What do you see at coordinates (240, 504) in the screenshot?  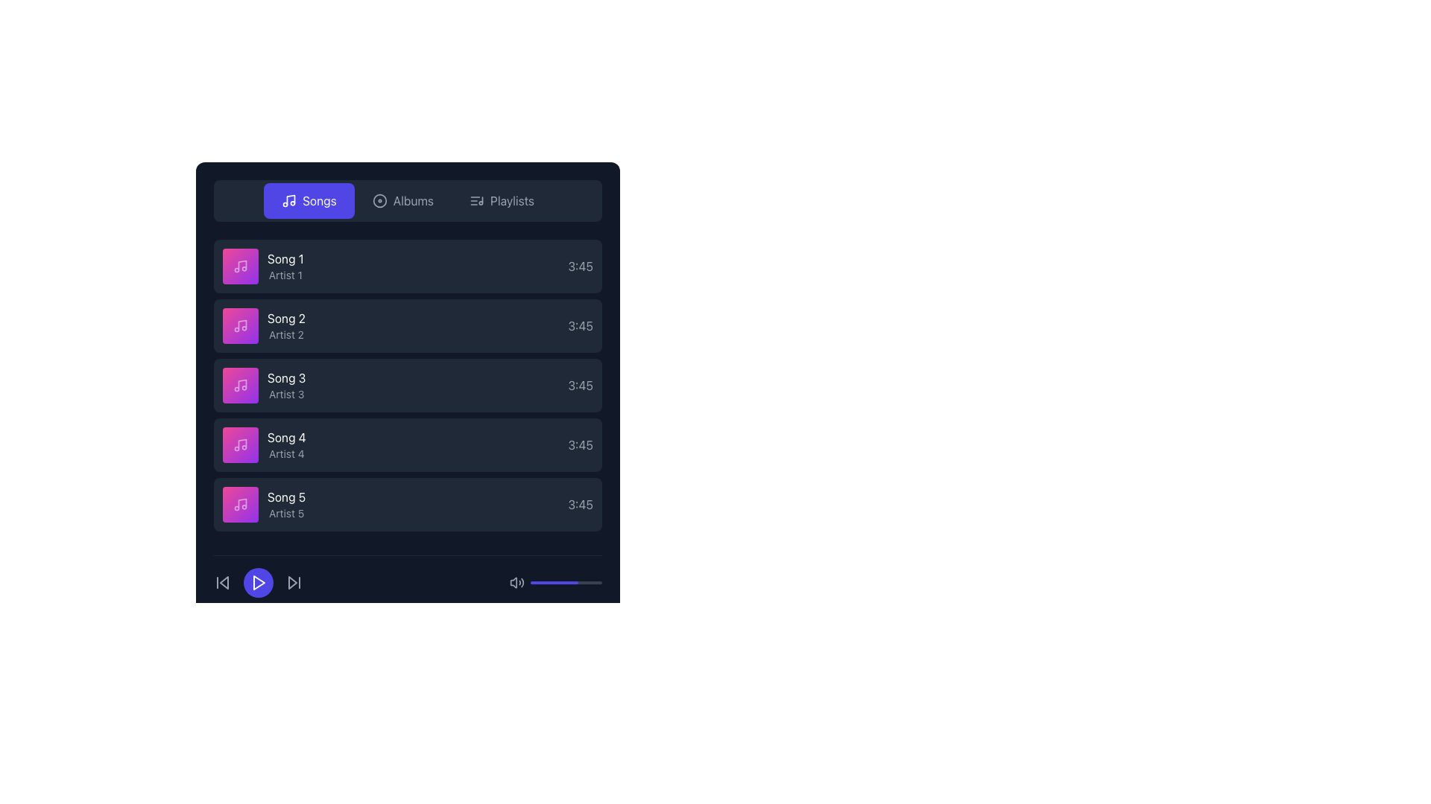 I see `the decorative icon for the 'Song 5' list item, which indicates it pertains to a music track` at bounding box center [240, 504].